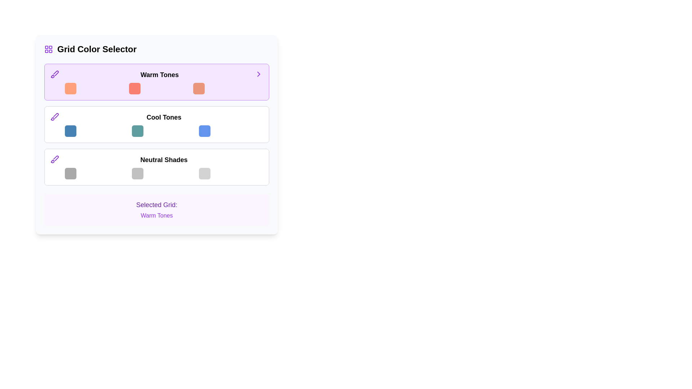 This screenshot has width=692, height=389. What do you see at coordinates (71, 131) in the screenshot?
I see `the leftmost color tile in the 'Cool Tones' section` at bounding box center [71, 131].